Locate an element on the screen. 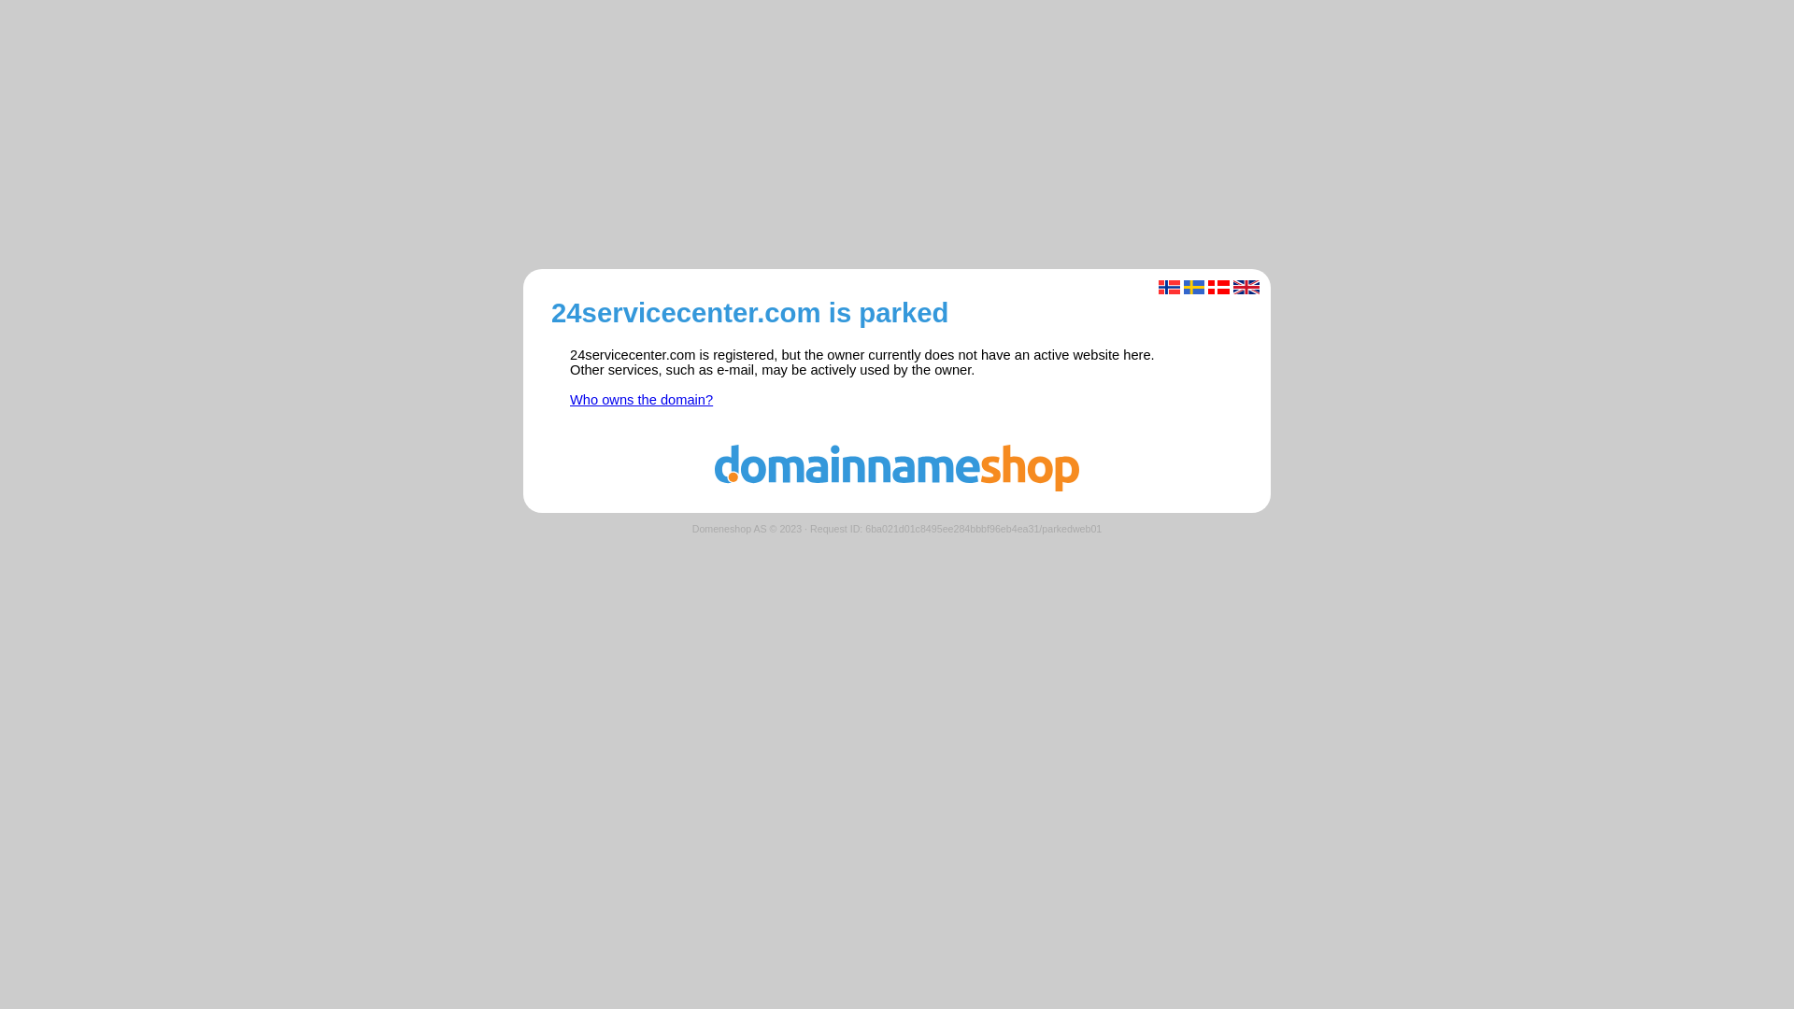 Image resolution: width=1794 pixels, height=1009 pixels. 'Who owns the domain?' is located at coordinates (568, 399).